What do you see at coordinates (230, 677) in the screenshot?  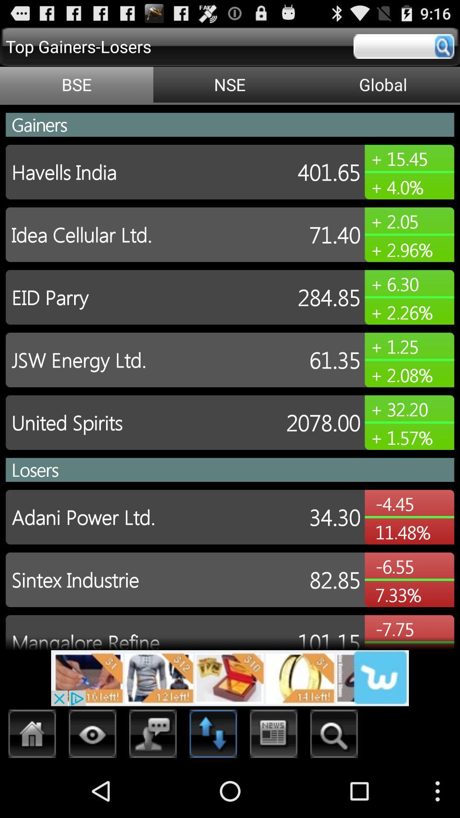 I see `to advertisement box` at bounding box center [230, 677].